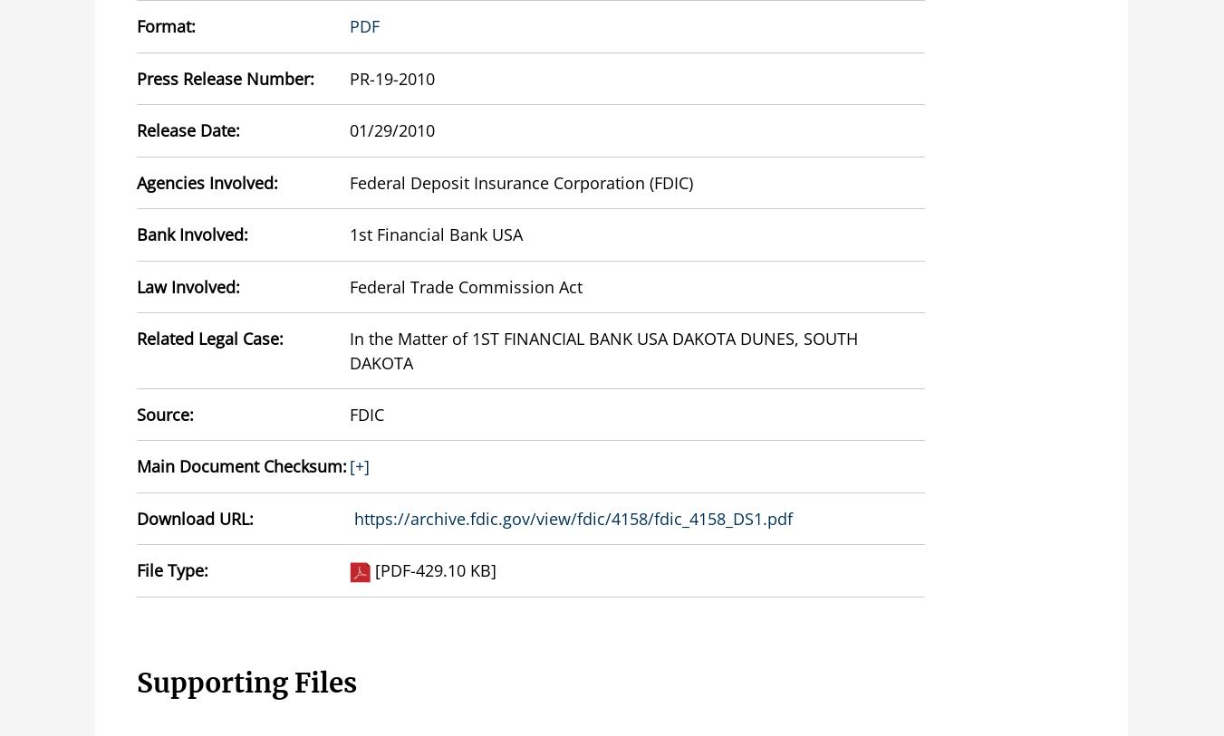  What do you see at coordinates (172, 569) in the screenshot?
I see `'File Type:'` at bounding box center [172, 569].